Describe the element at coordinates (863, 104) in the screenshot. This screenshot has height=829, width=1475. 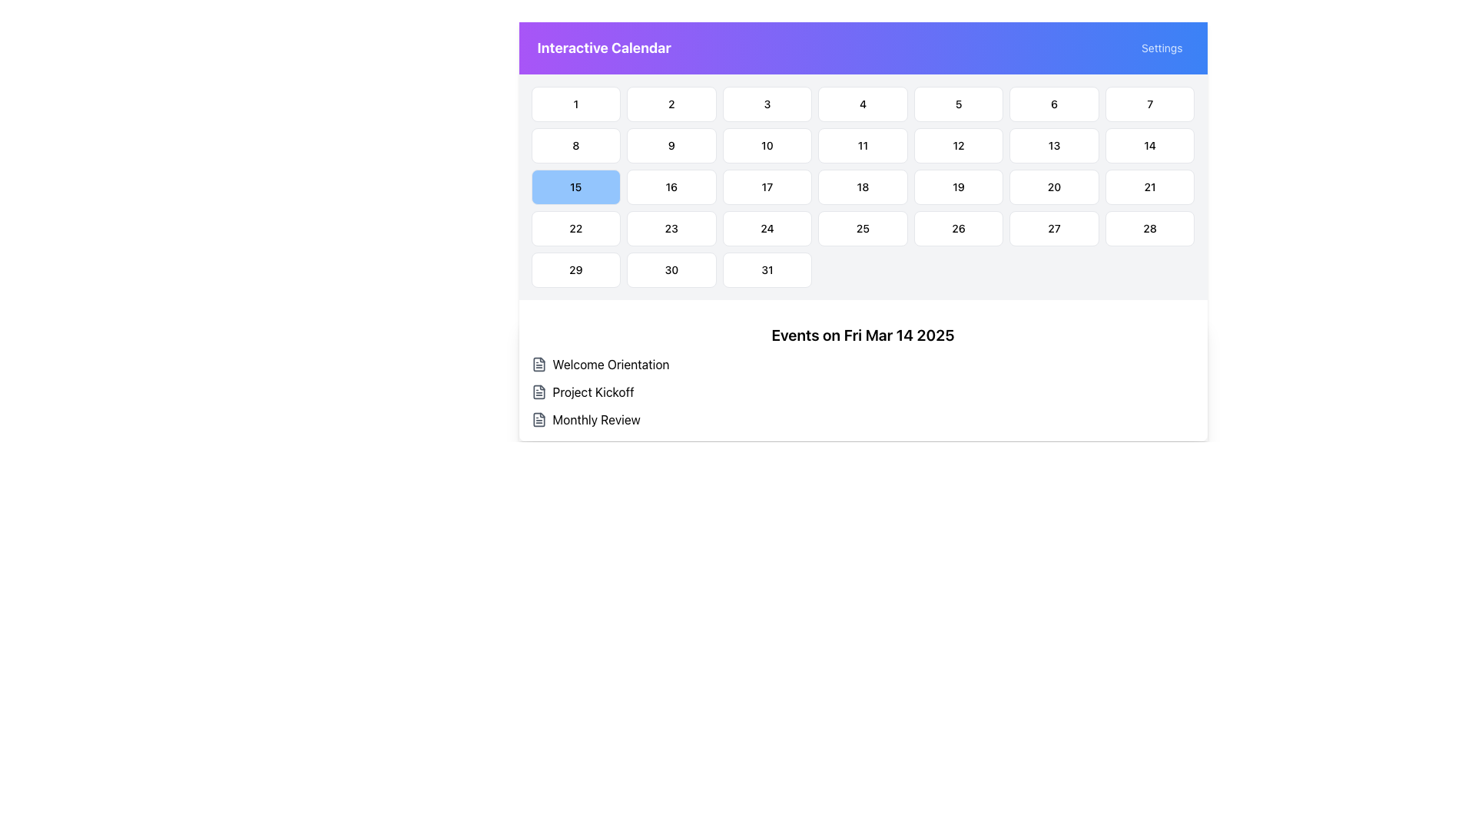
I see `the text label displaying the number '4'` at that location.